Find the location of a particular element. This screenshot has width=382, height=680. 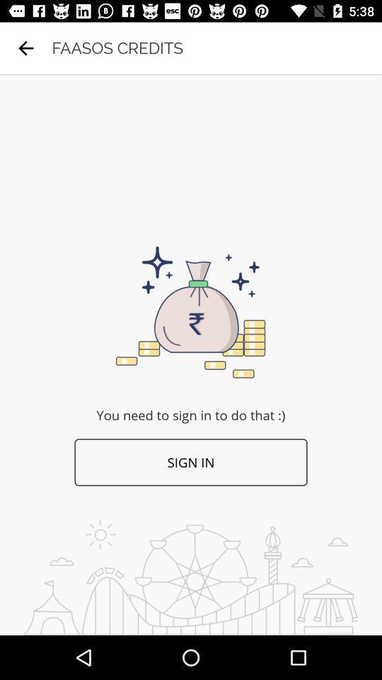

item above you need to item is located at coordinates (25, 48).